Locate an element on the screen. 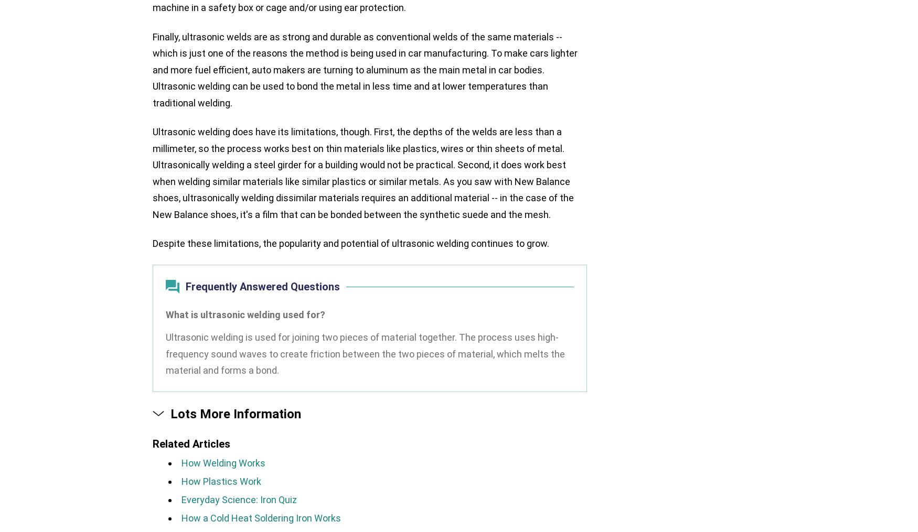  'Everyday Science: Iron Quiz' is located at coordinates (239, 499).